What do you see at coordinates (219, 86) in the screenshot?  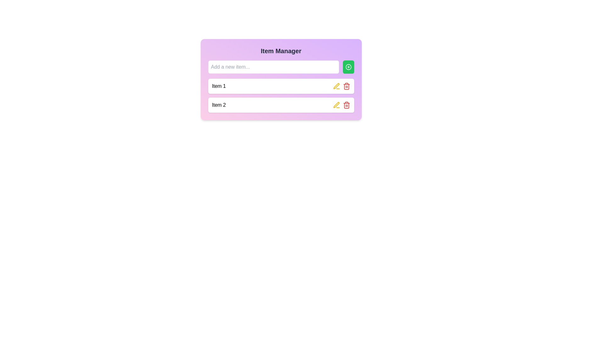 I see `the first text element in the first row under the 'Item Manager' title, which serves as a label for an item` at bounding box center [219, 86].